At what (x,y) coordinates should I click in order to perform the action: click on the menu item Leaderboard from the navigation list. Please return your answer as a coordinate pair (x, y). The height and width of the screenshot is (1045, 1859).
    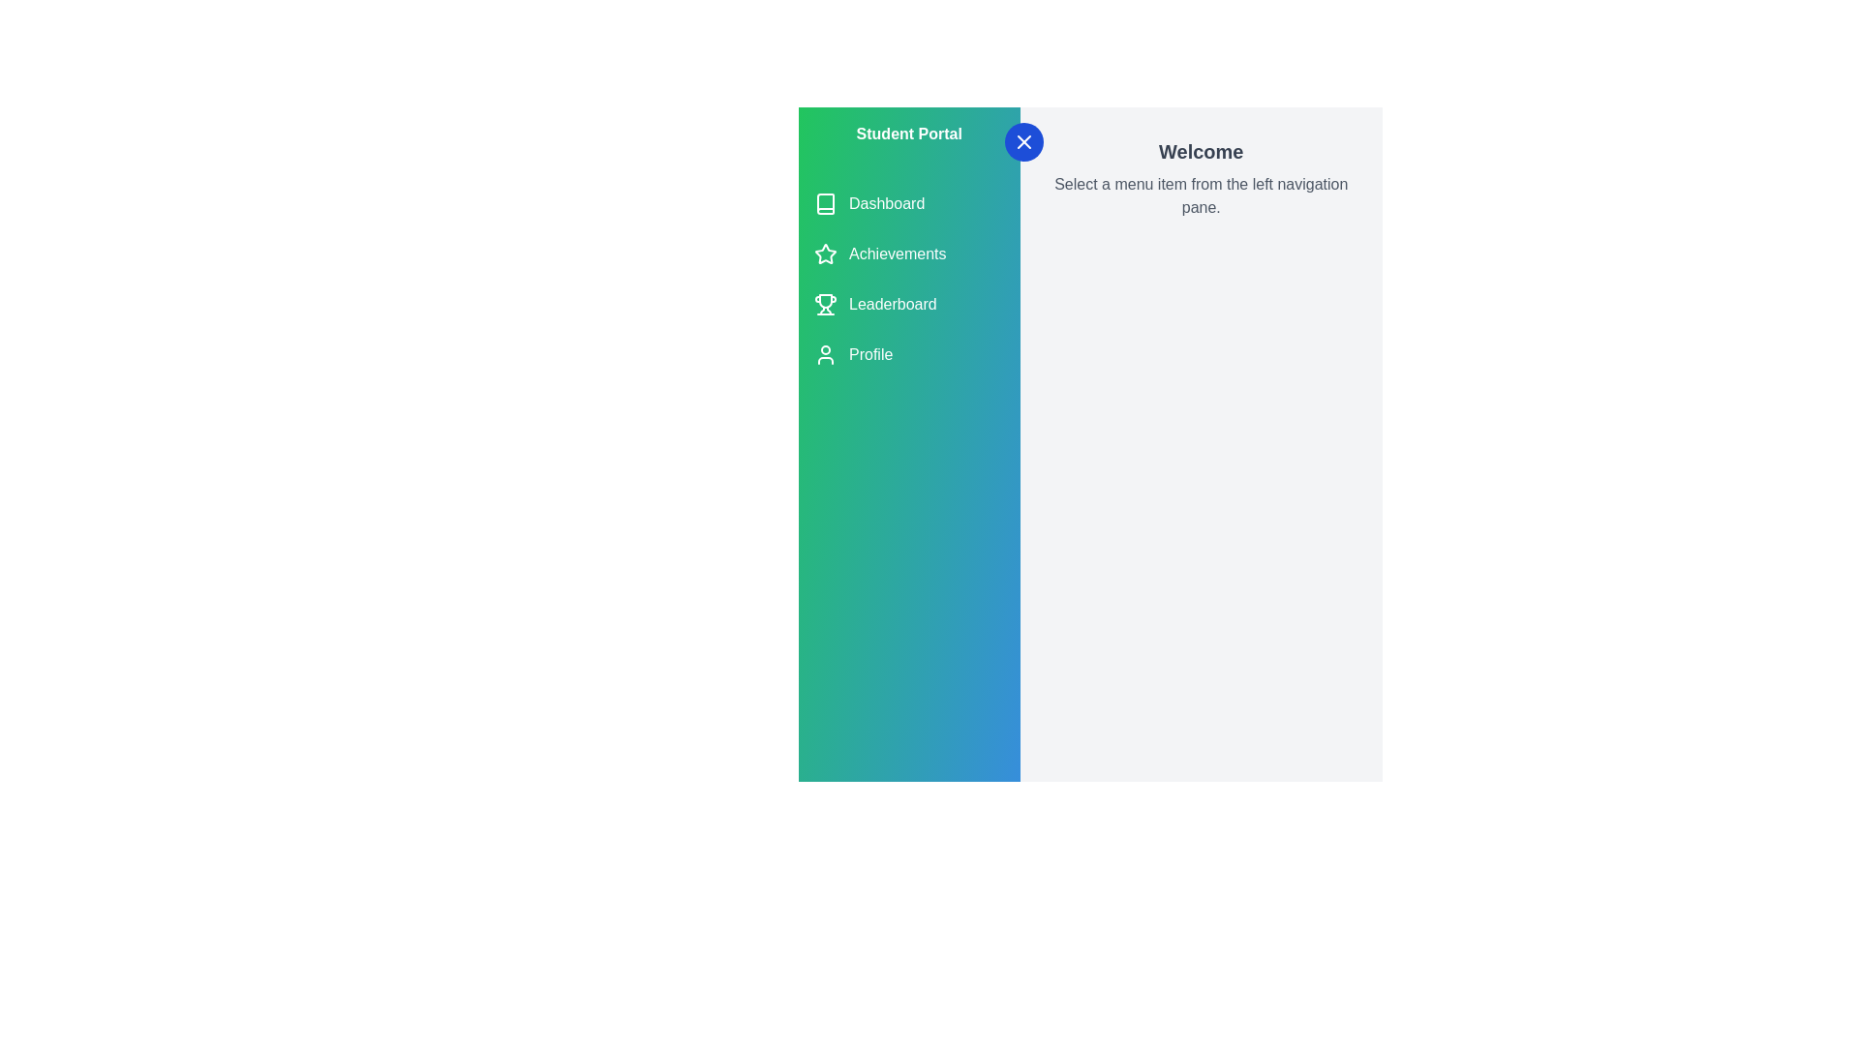
    Looking at the image, I should click on (908, 305).